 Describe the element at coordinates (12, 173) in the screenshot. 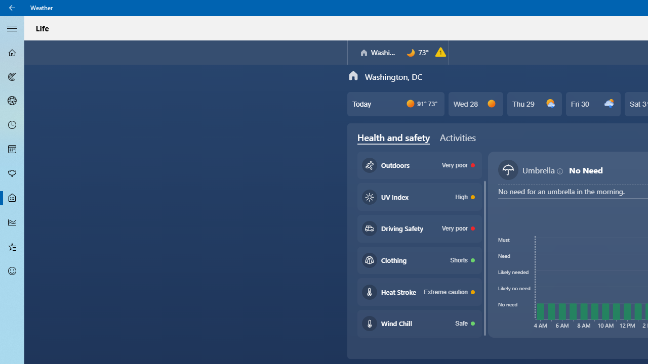

I see `'Pollen - Not Selected'` at that location.